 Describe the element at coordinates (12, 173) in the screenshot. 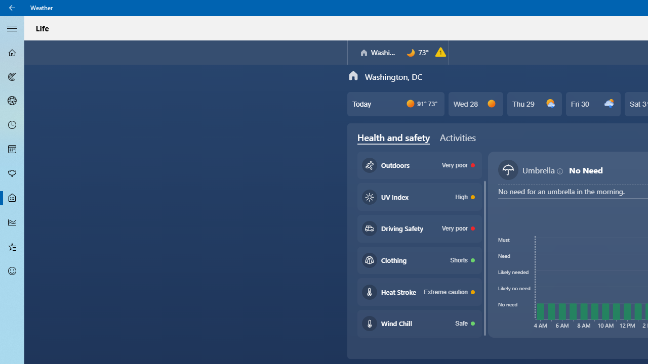

I see `'Pollen - Not Selected'` at that location.